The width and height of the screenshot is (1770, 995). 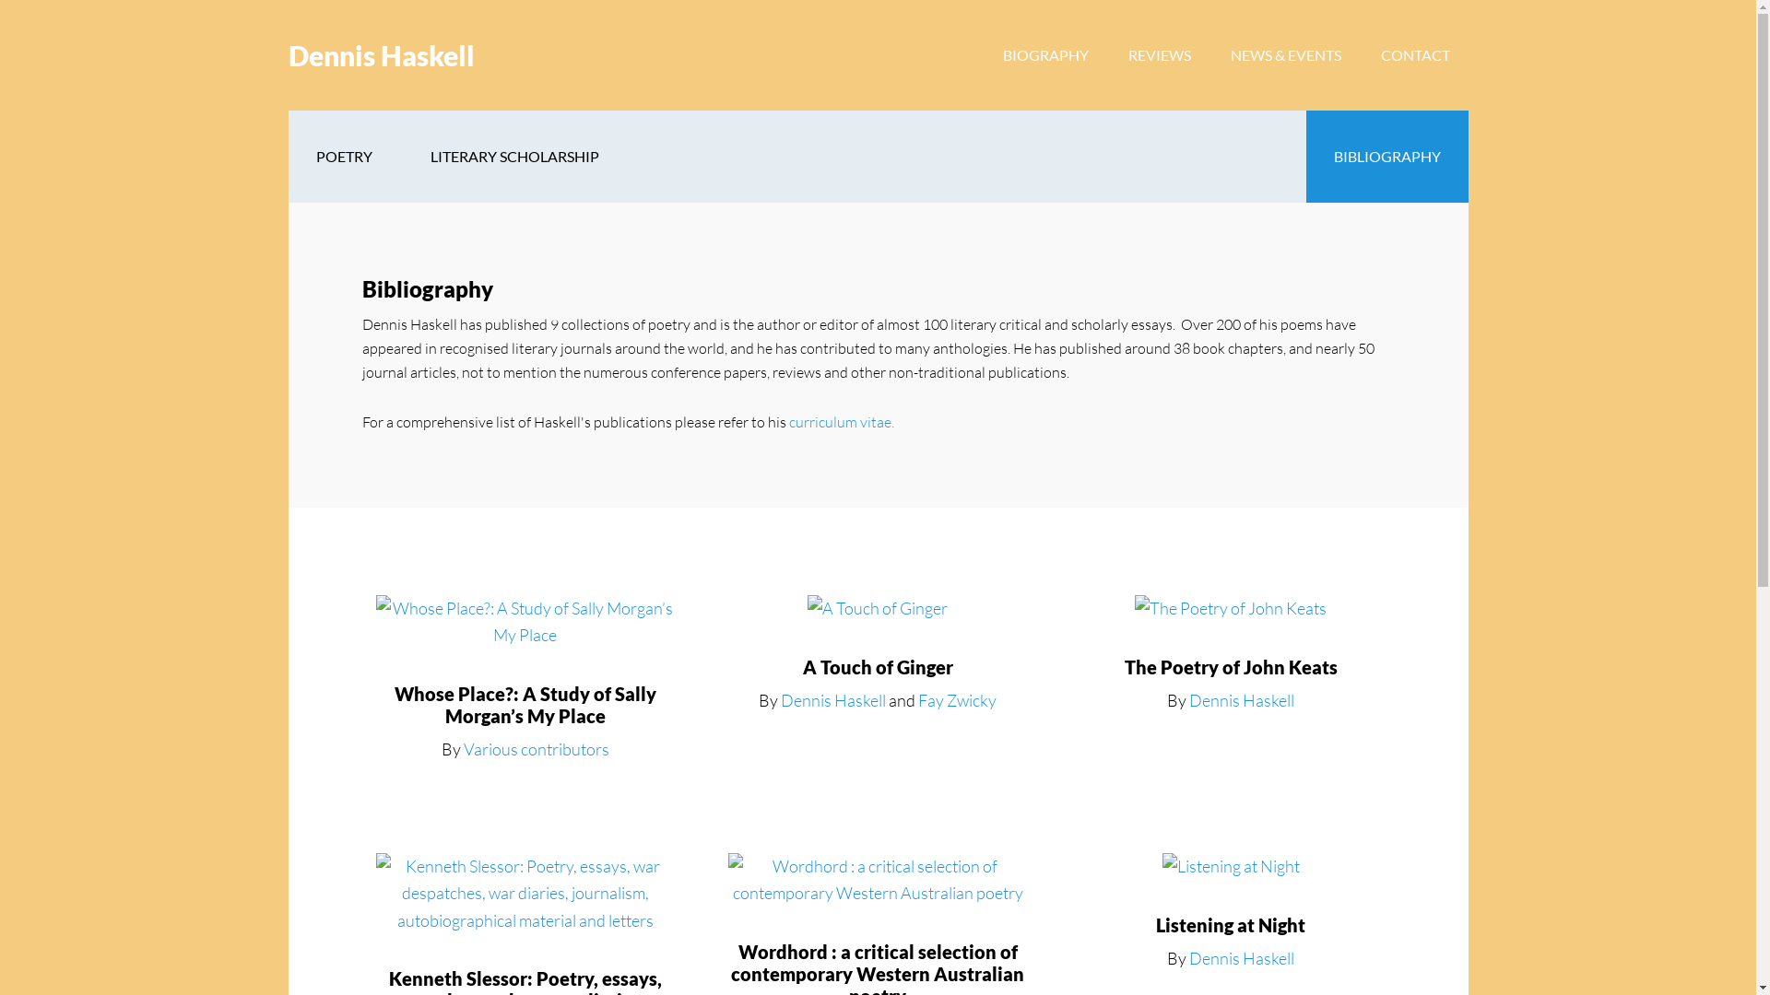 I want to click on 'Fay Zwicky', so click(x=957, y=699).